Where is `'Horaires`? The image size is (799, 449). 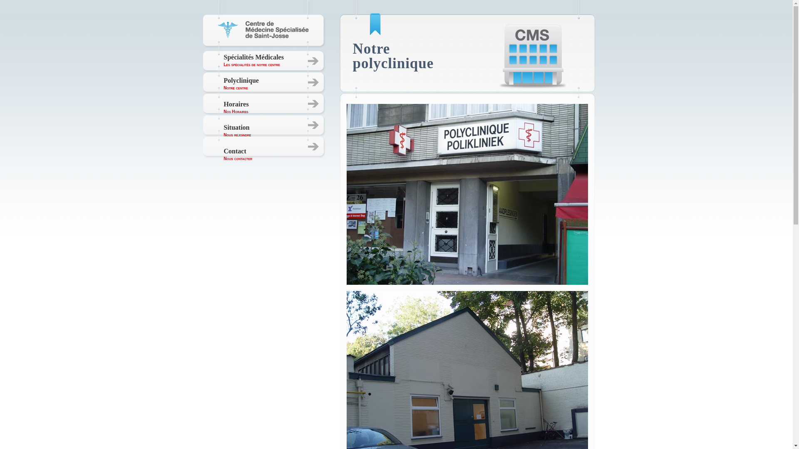 'Horaires is located at coordinates (236, 107).